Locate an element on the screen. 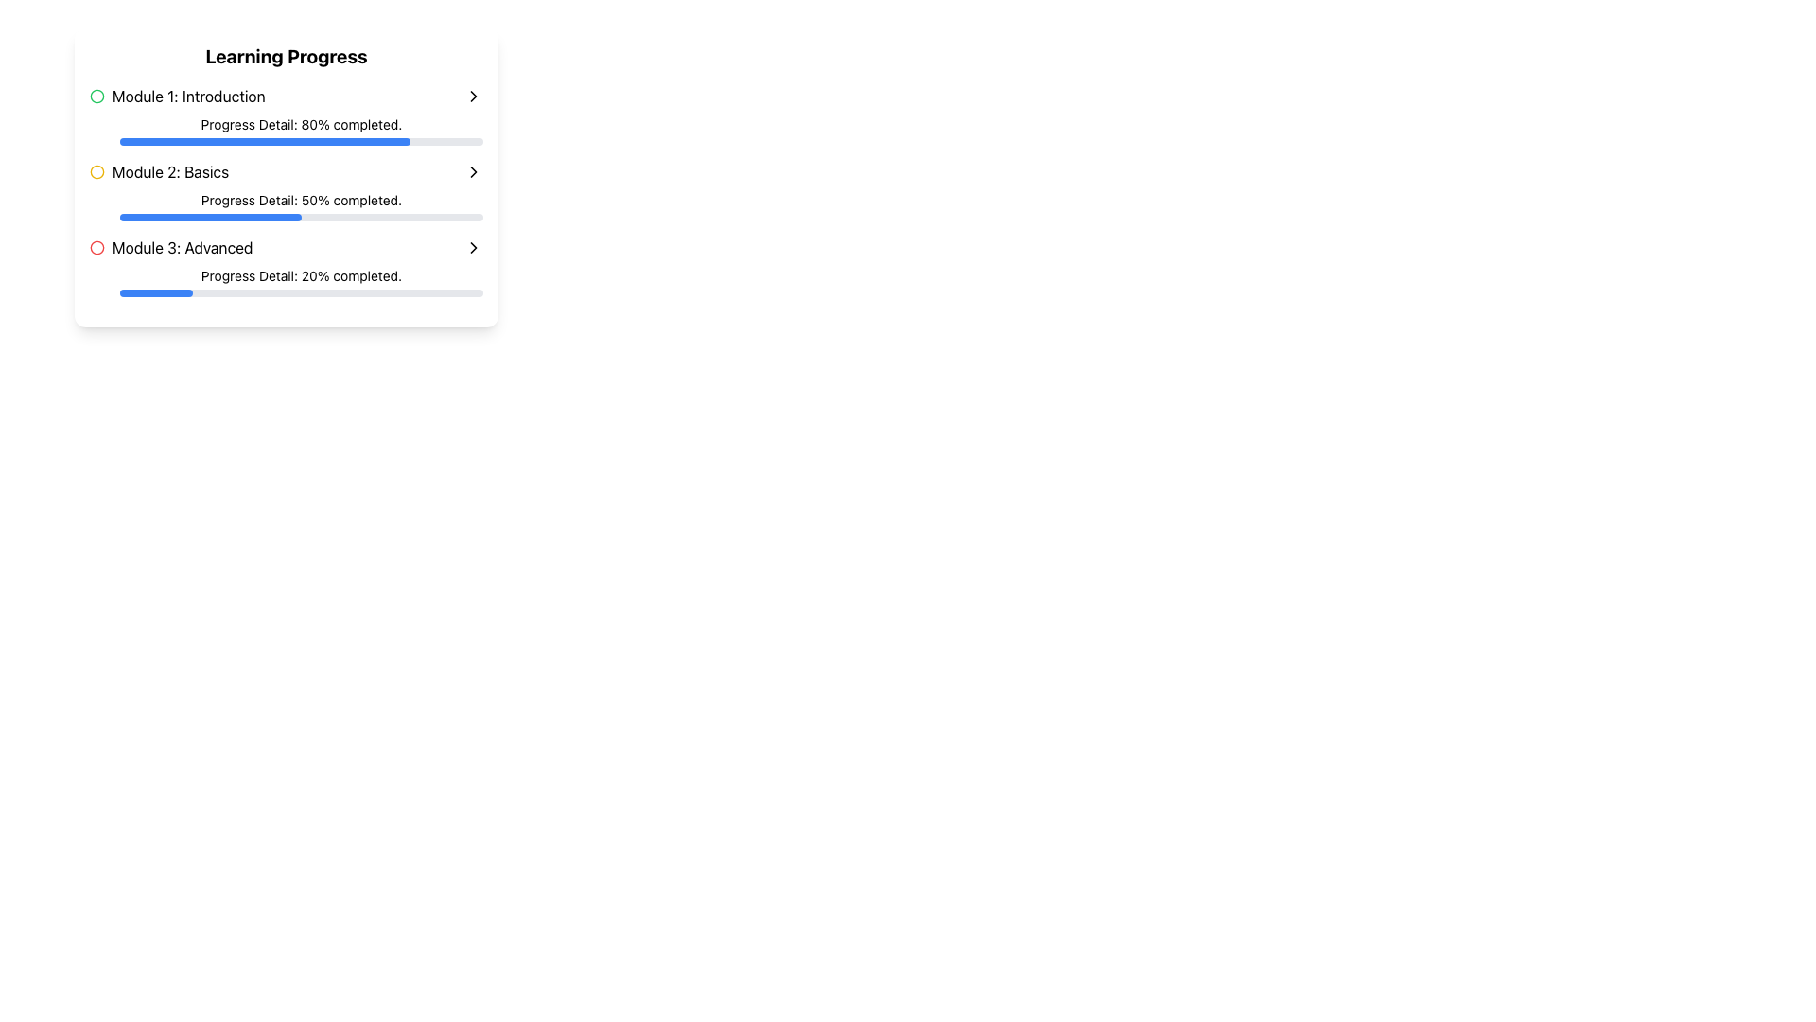 The image size is (1816, 1022). the visual progress bar of the Progress Indicator located under the 'Module 1: Introduction' title in the learning progress interface is located at coordinates (285, 130).